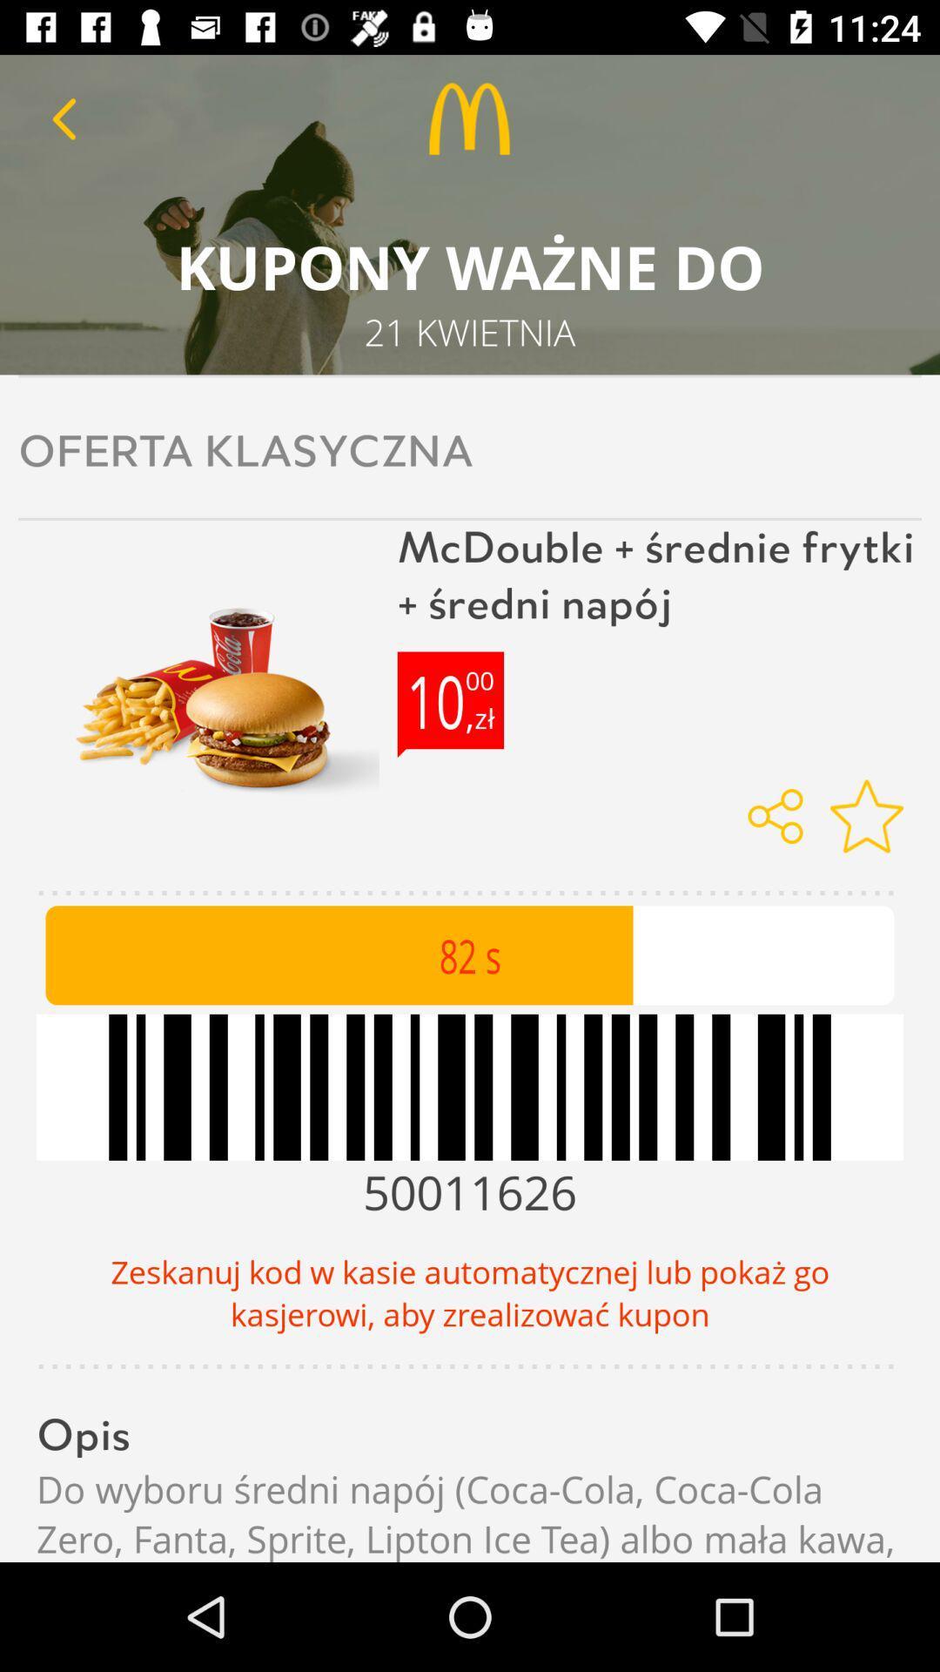 The height and width of the screenshot is (1672, 940). Describe the element at coordinates (63, 118) in the screenshot. I see `previous button` at that location.